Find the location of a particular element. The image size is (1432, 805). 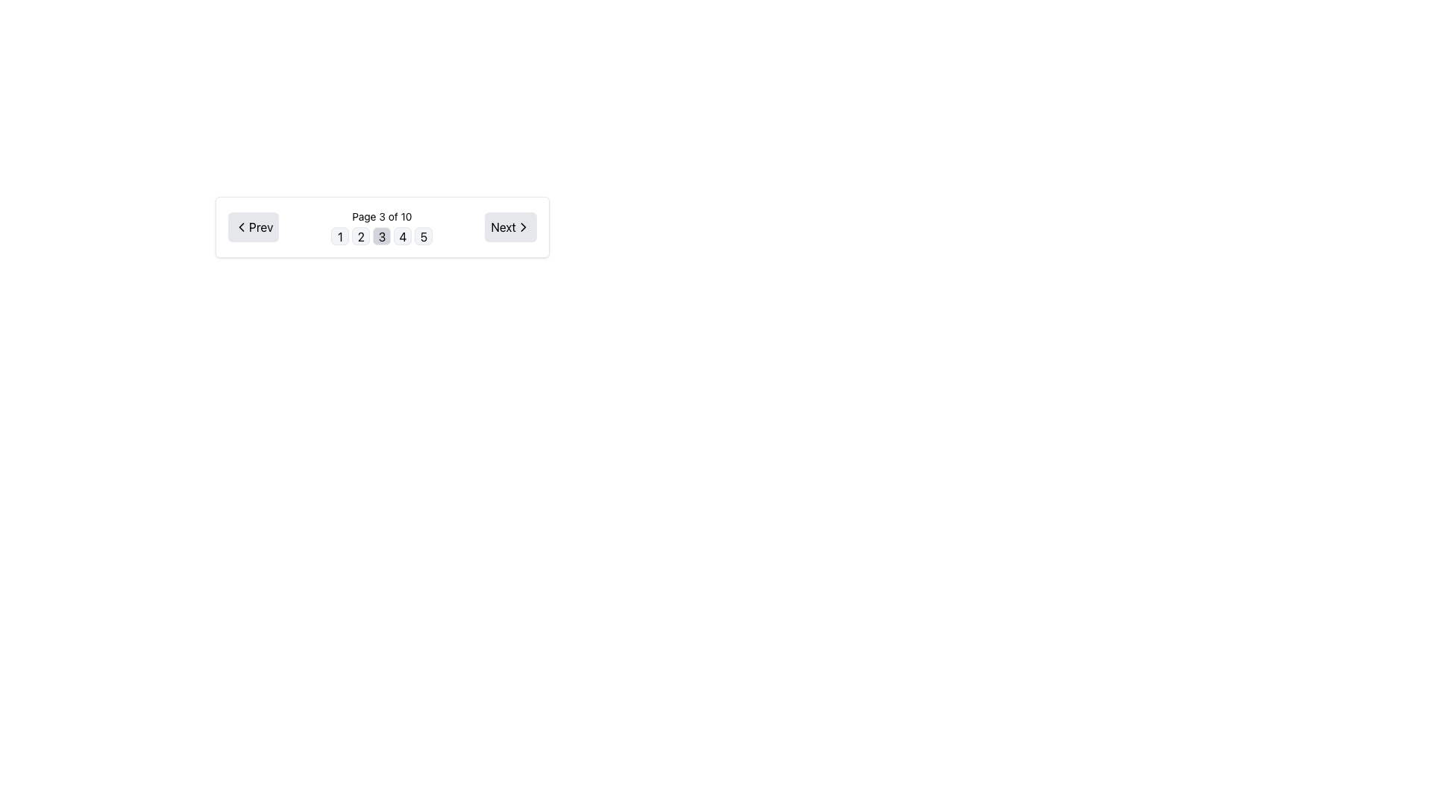

the 'Next' button which is a rectangular button containing a rightward chevron icon is located at coordinates (523, 227).